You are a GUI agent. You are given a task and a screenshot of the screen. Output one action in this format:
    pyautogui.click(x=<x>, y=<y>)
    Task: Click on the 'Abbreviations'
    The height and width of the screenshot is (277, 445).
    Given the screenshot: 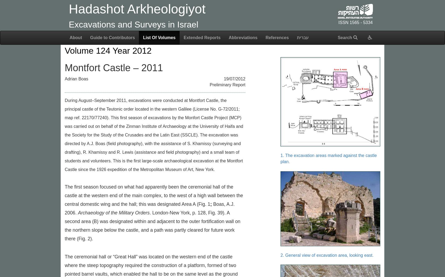 What is the action you would take?
    pyautogui.click(x=243, y=37)
    